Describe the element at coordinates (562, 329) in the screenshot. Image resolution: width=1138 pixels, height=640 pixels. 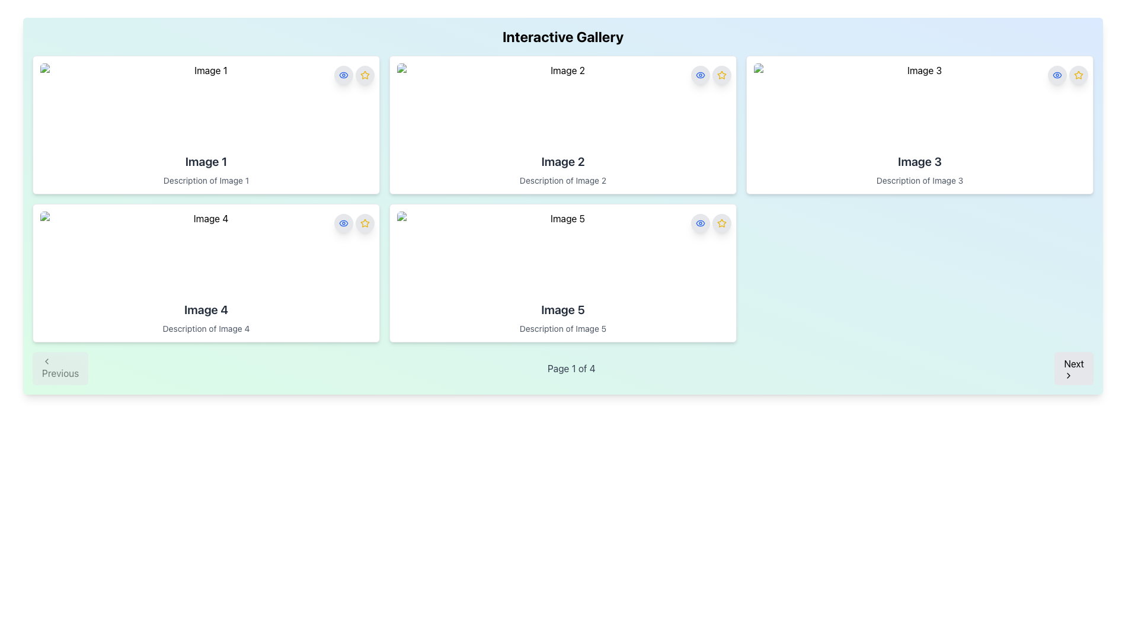
I see `the static text element that provides additional context for 'Image 5', located beneath the title 'Image 5' in the card positioned in the second row and third column` at that location.